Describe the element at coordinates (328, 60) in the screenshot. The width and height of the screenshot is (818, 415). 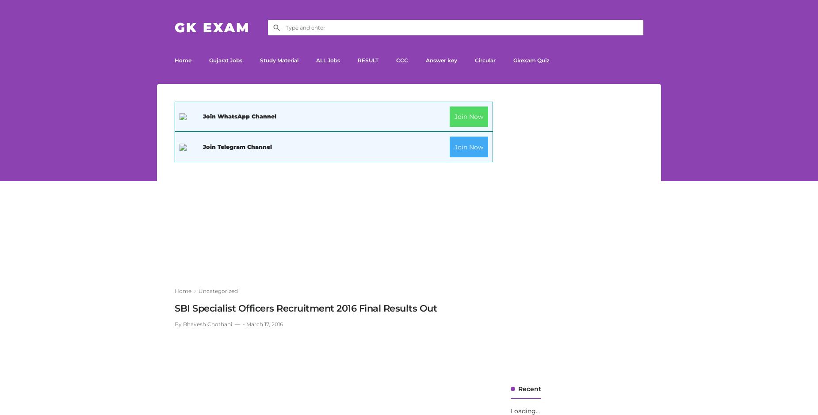
I see `'ALL Jobs'` at that location.